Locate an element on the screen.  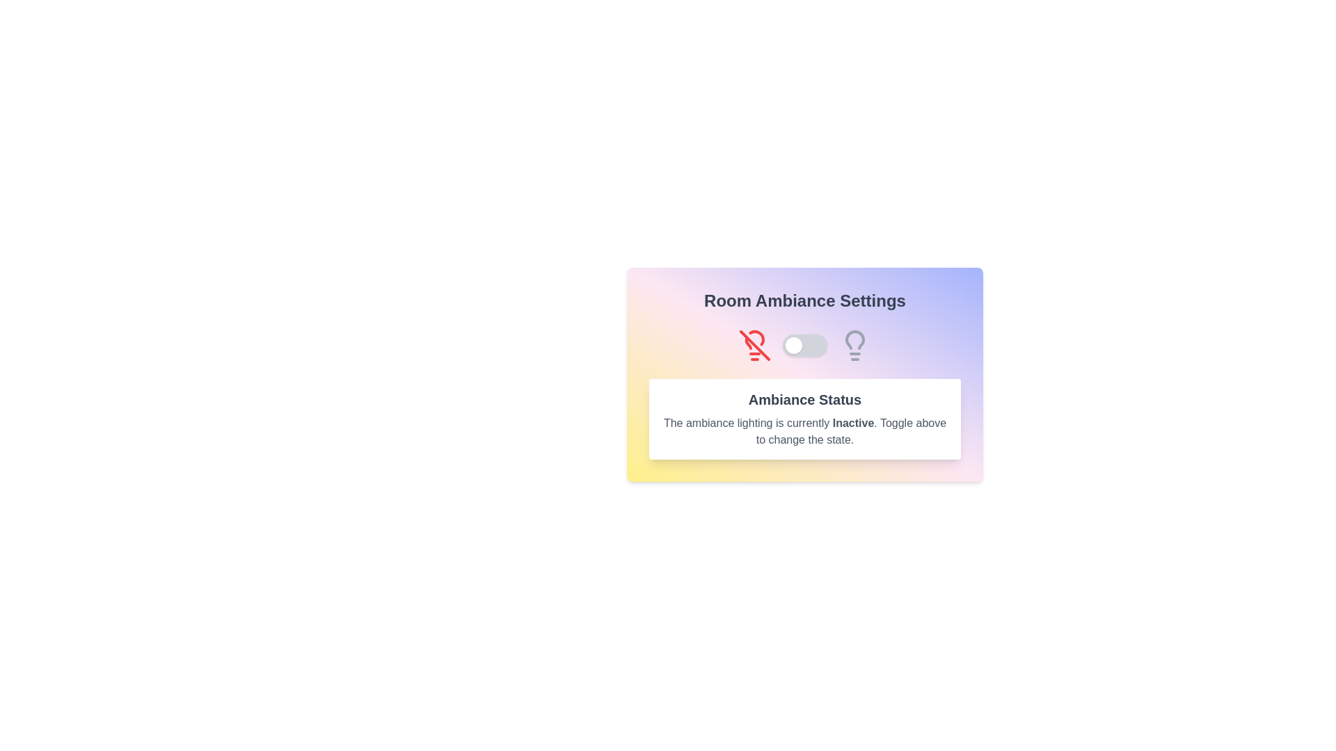
the inactive lighting system icon, which is the first icon in a horizontal row of three components in the top section of the card layout is located at coordinates (754, 345).